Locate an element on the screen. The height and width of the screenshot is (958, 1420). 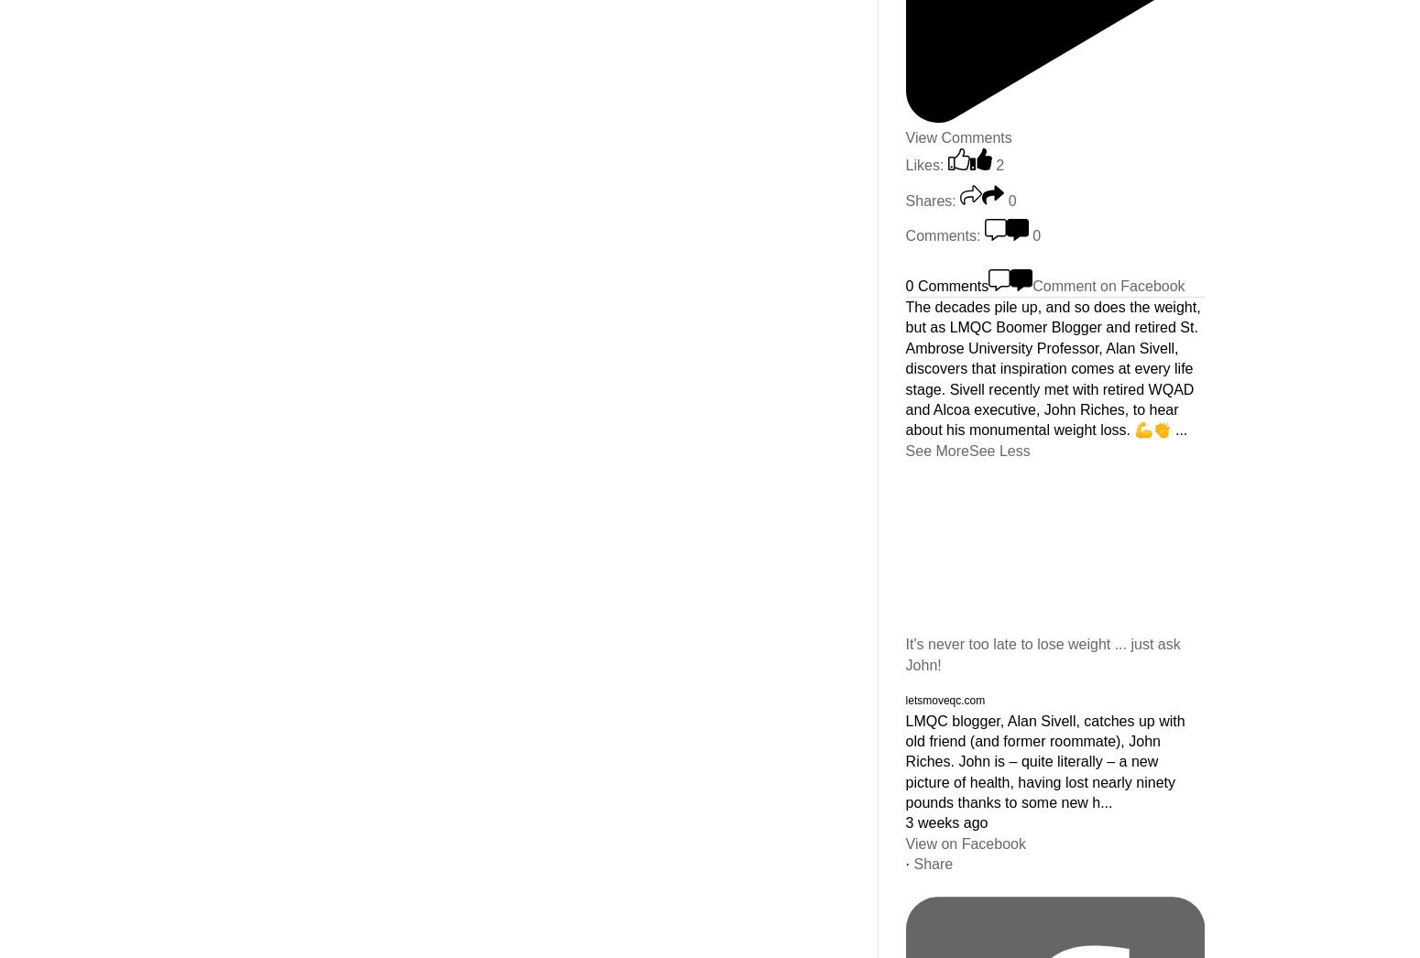
'View on Facebook' is located at coordinates (903, 843).